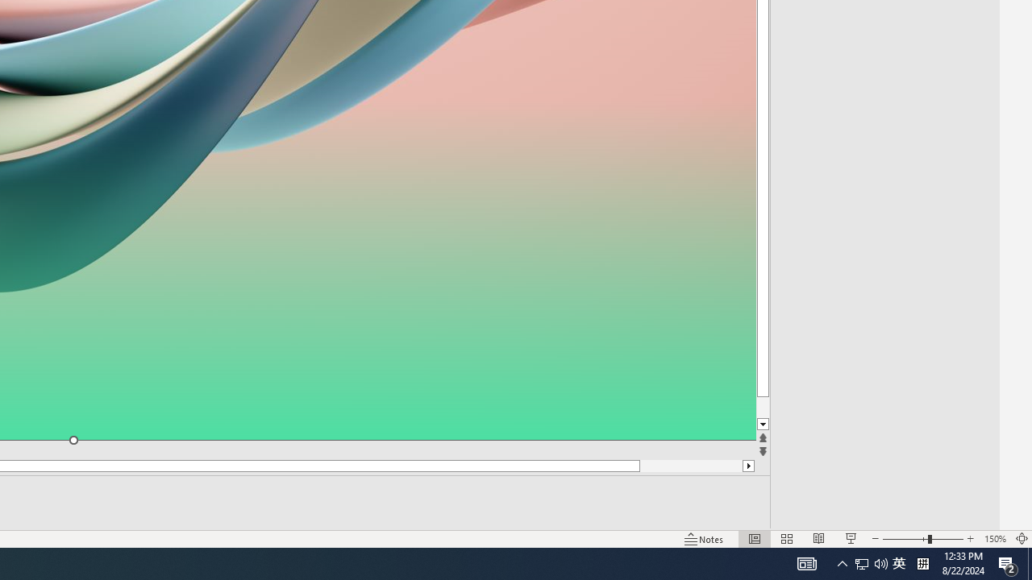 Image resolution: width=1032 pixels, height=580 pixels. I want to click on 'Zoom Out', so click(905, 539).